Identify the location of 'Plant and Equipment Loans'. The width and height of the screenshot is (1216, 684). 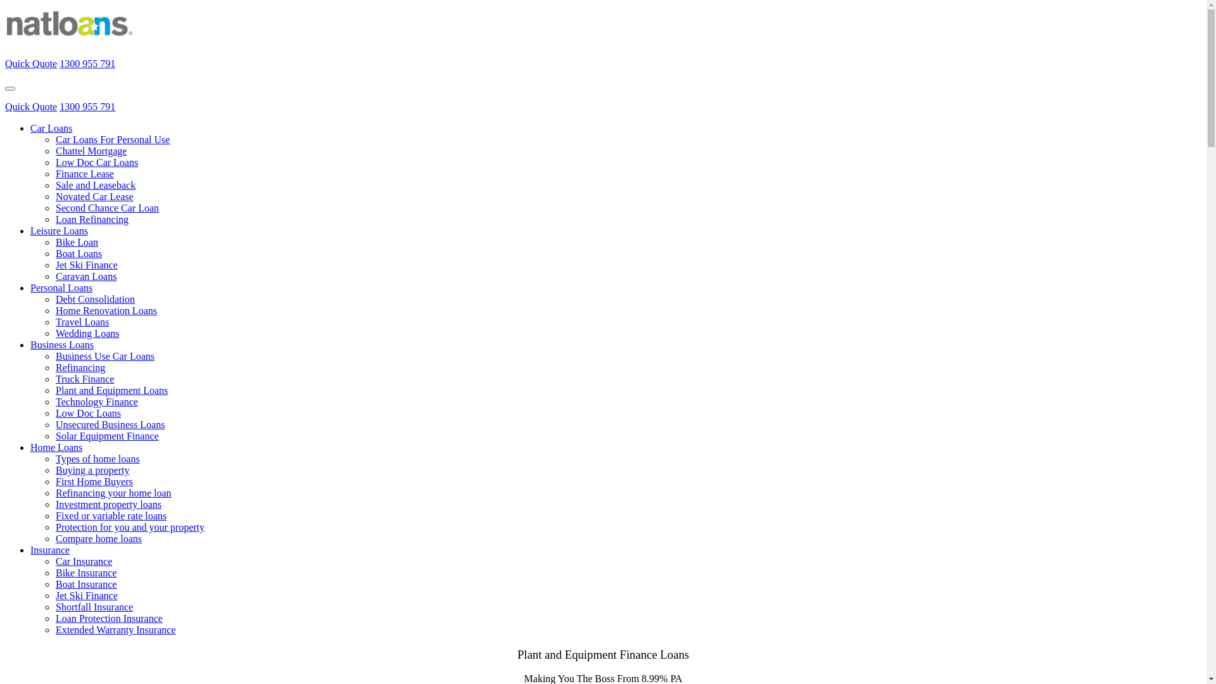
(54, 389).